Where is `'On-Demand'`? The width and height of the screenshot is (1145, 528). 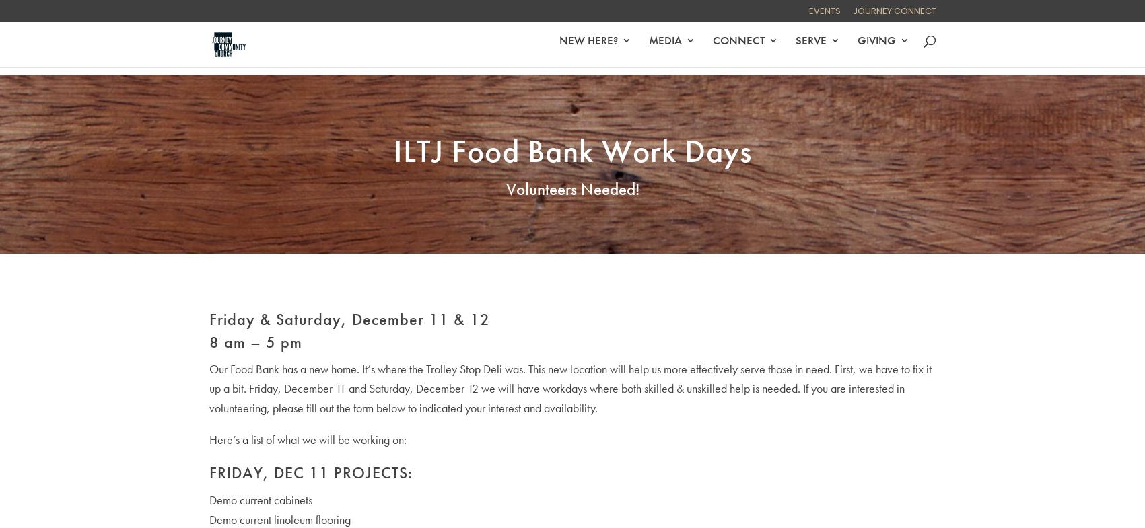 'On-Demand' is located at coordinates (703, 130).